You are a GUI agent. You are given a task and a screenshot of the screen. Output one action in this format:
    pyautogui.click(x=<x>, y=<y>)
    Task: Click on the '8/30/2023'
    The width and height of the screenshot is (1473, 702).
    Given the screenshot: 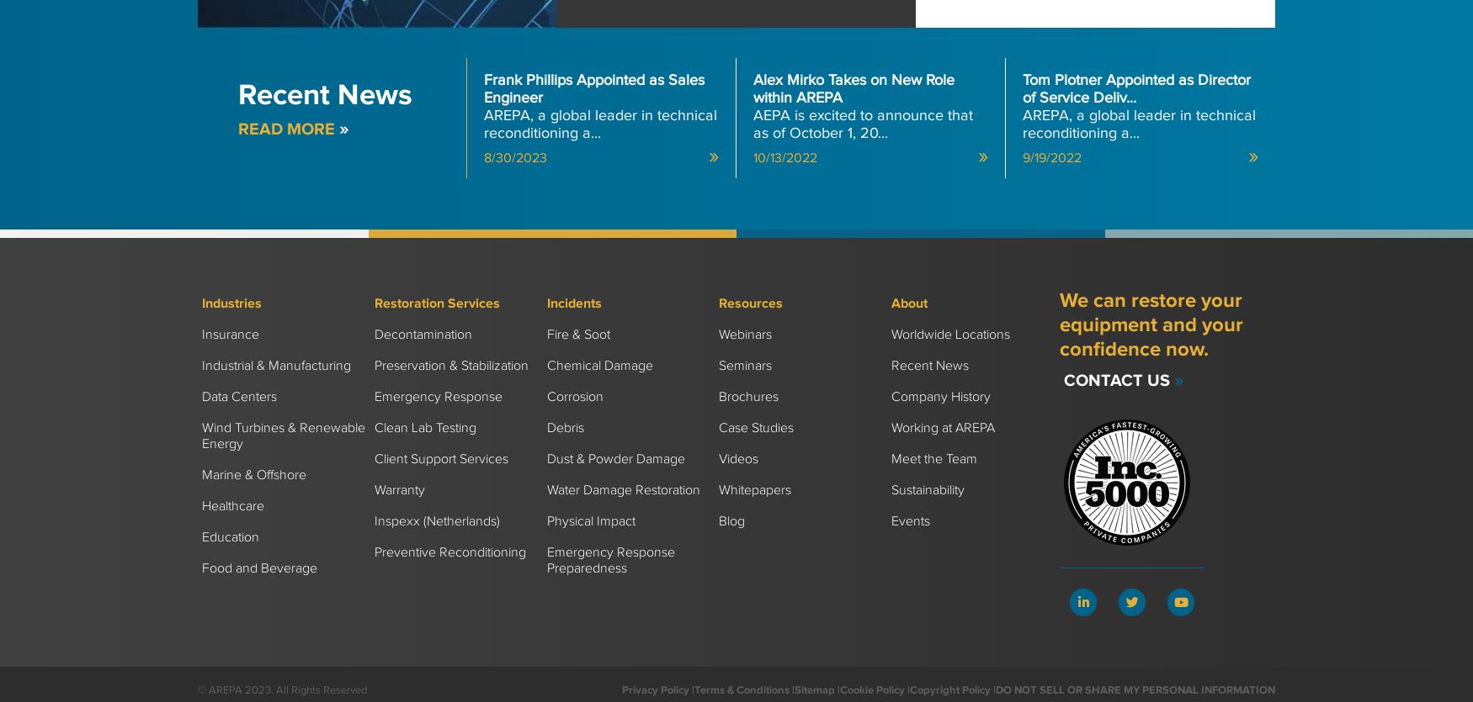 What is the action you would take?
    pyautogui.click(x=515, y=158)
    